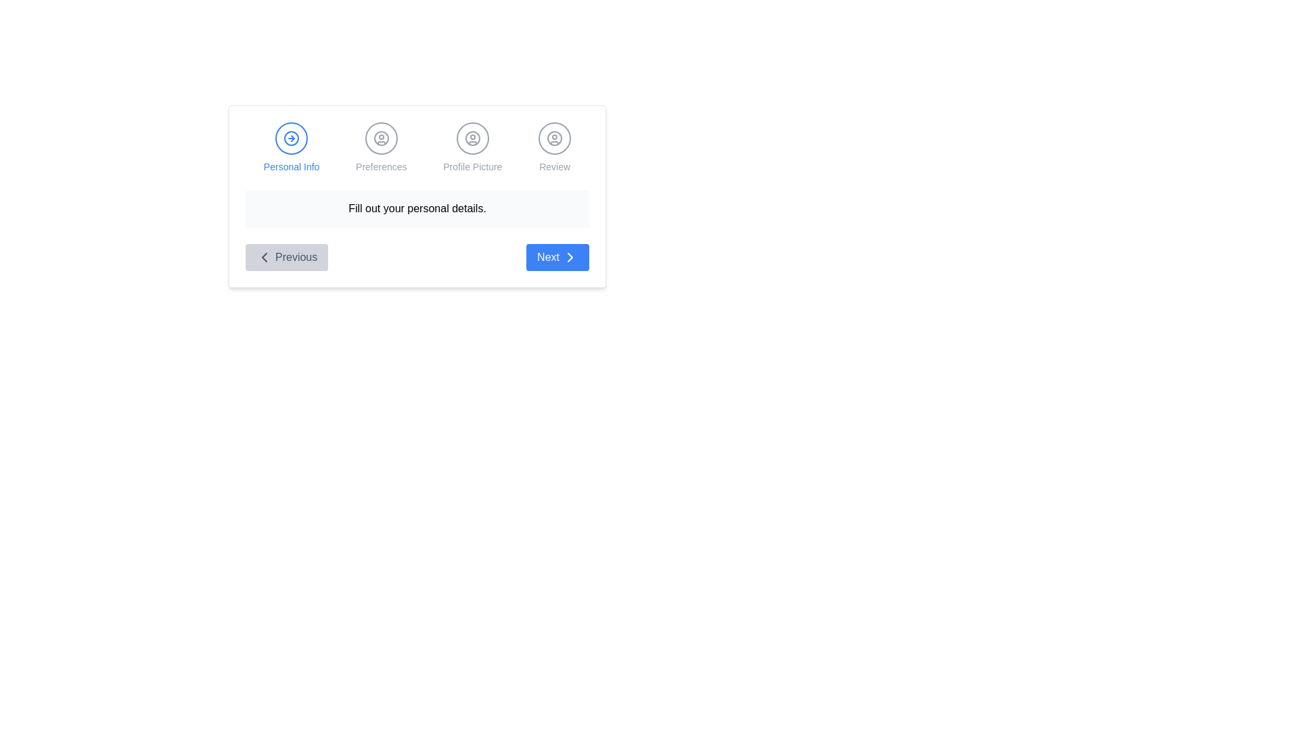 The width and height of the screenshot is (1299, 730). I want to click on the second circular button in the step indicator set, so click(380, 138).